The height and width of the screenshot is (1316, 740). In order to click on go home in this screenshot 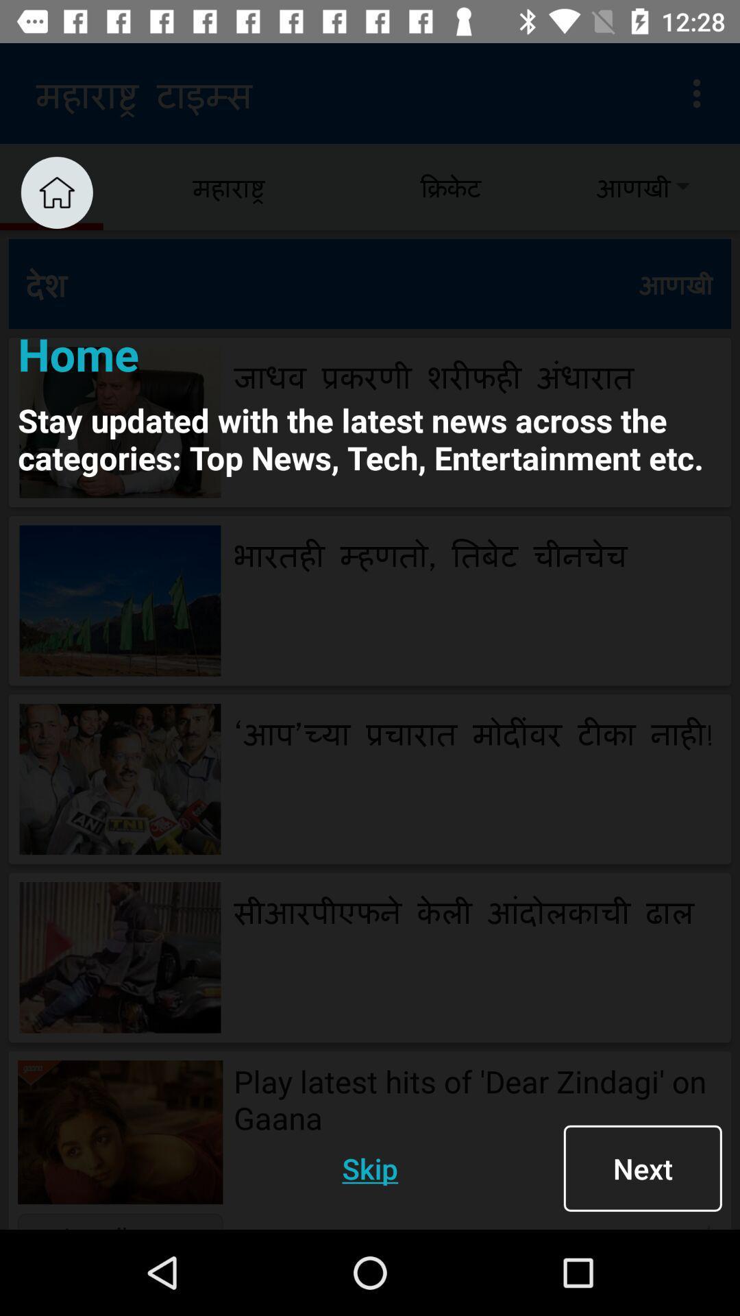, I will do `click(56, 192)`.